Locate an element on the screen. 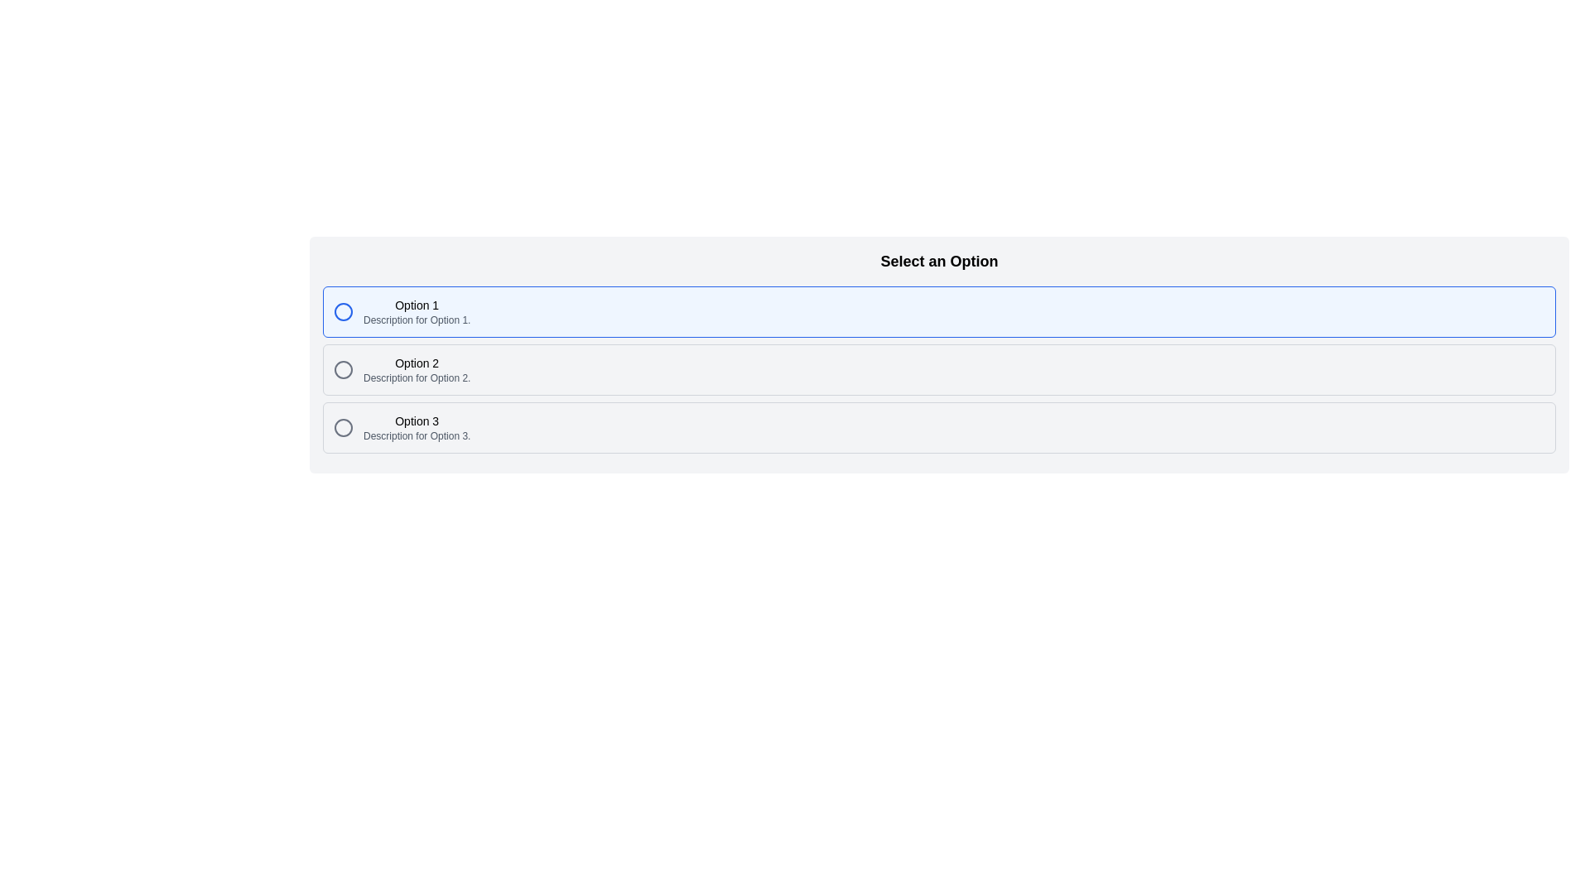  the static text label reading 'Description for Option 1.' located beneath the bolded 'Option 1' label in the first option group, which is centrally aligned in the top segment of the interface is located at coordinates (417, 320).